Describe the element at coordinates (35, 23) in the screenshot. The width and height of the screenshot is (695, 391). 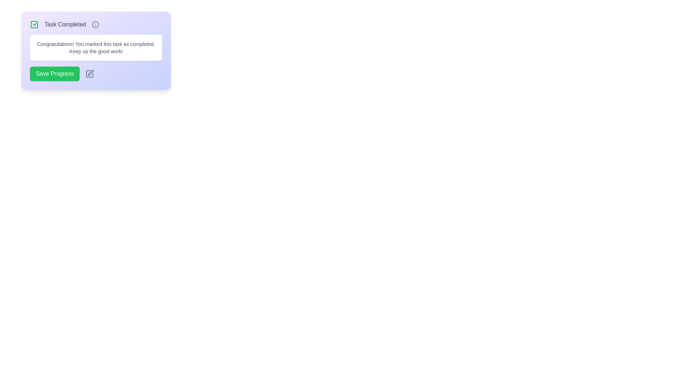
I see `the green checkmark icon segment in the top-left section of the notification-style UI component` at that location.